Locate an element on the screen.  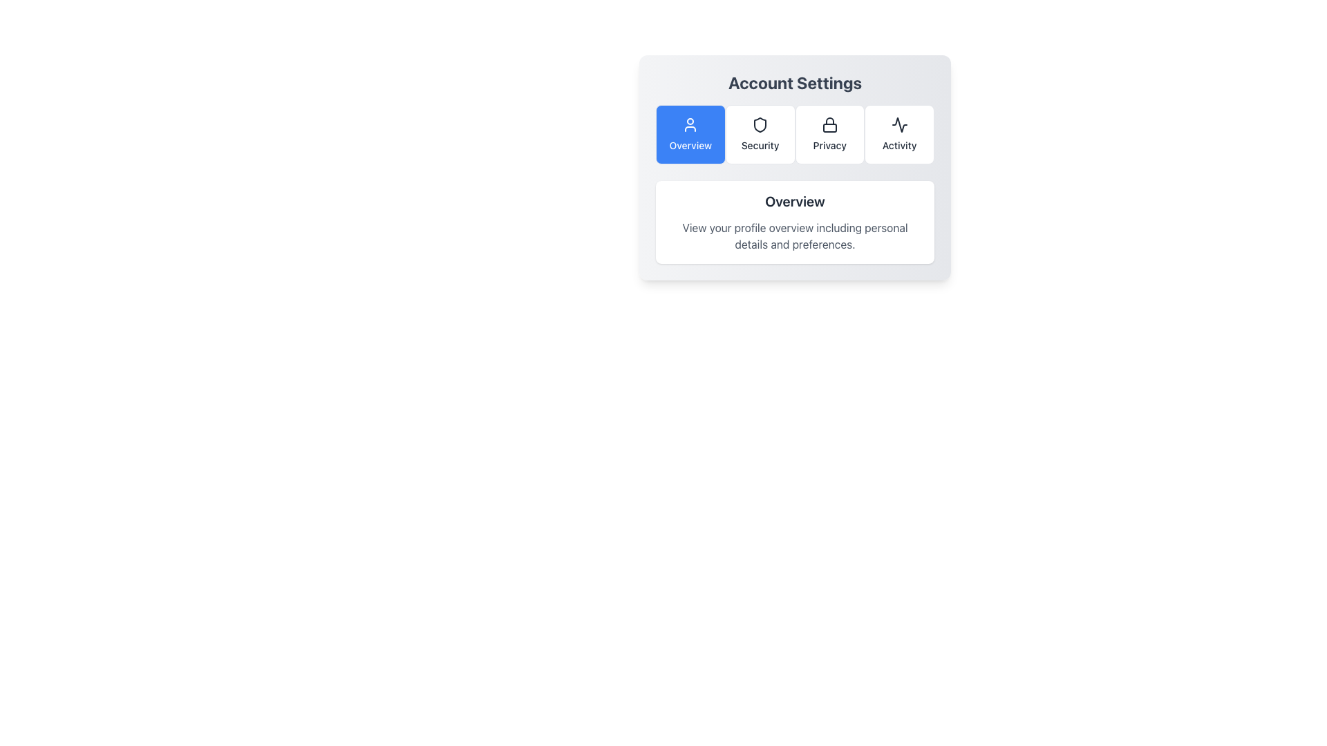
the 'Privacy' text label, which is styled with a small font and medium weight, located below a lock icon in the Privacy card of the row of cards is located at coordinates (829, 146).